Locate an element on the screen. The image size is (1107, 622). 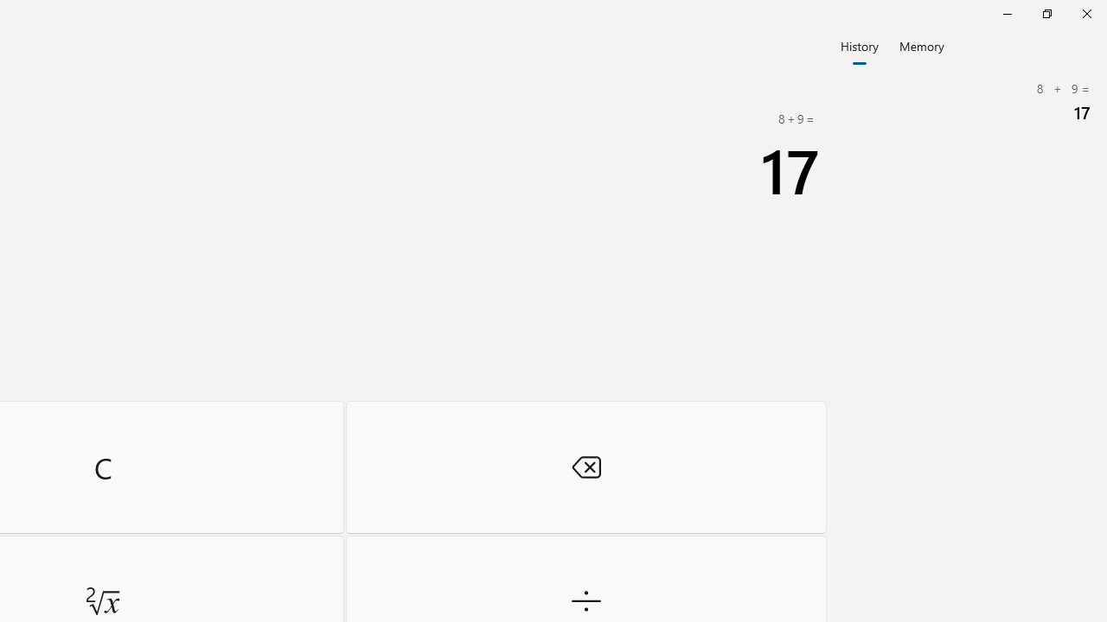
'Close Calculator' is located at coordinates (1085, 13).